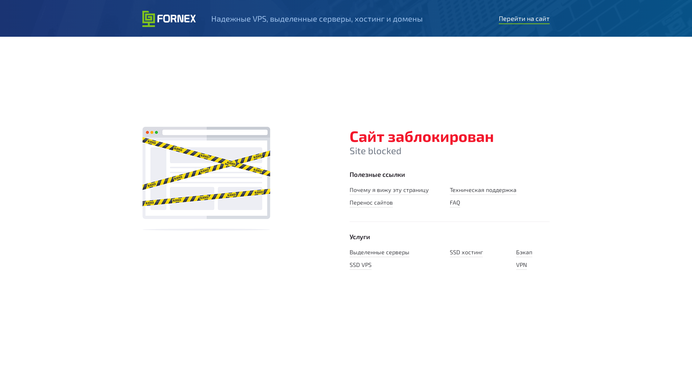  Describe the element at coordinates (360, 265) in the screenshot. I see `'SSD VPS'` at that location.